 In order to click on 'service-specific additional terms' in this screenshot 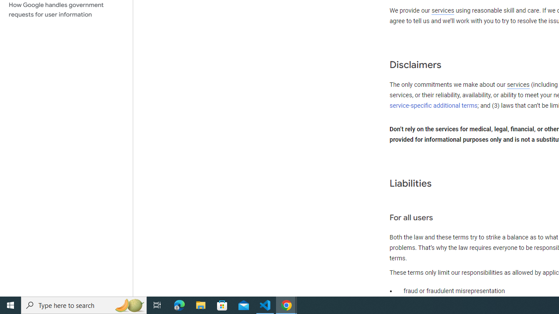, I will do `click(434, 105)`.